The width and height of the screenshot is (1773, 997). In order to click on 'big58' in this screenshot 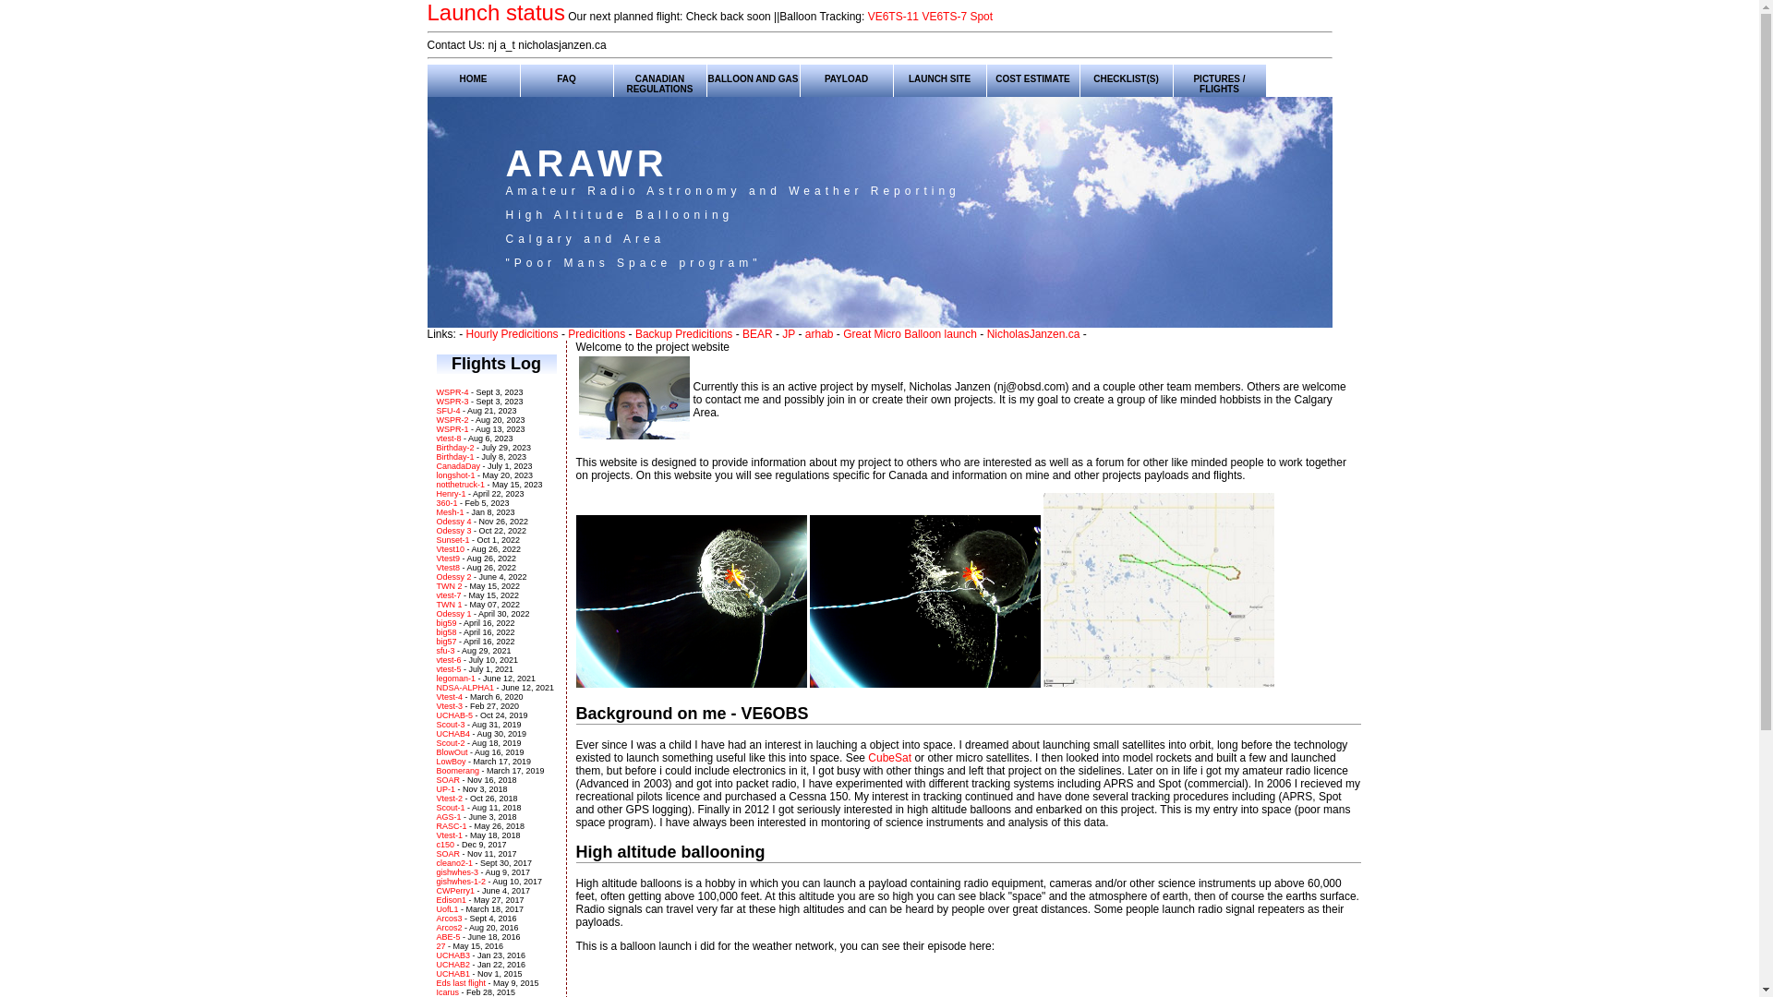, I will do `click(434, 631)`.